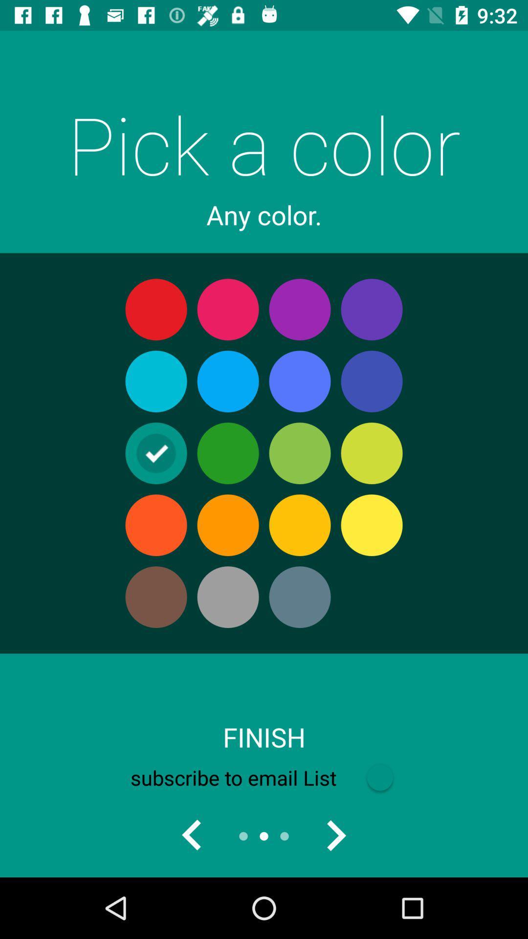 This screenshot has width=528, height=939. What do you see at coordinates (192, 835) in the screenshot?
I see `the arrow_backward icon` at bounding box center [192, 835].